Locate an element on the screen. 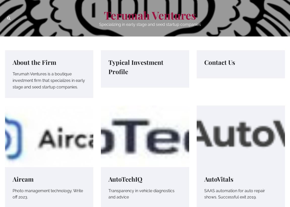 This screenshot has width=290, height=207. 'Terumah Ventures is a boutique investment firm that specializes in early stage and seed startup companies.' is located at coordinates (48, 80).